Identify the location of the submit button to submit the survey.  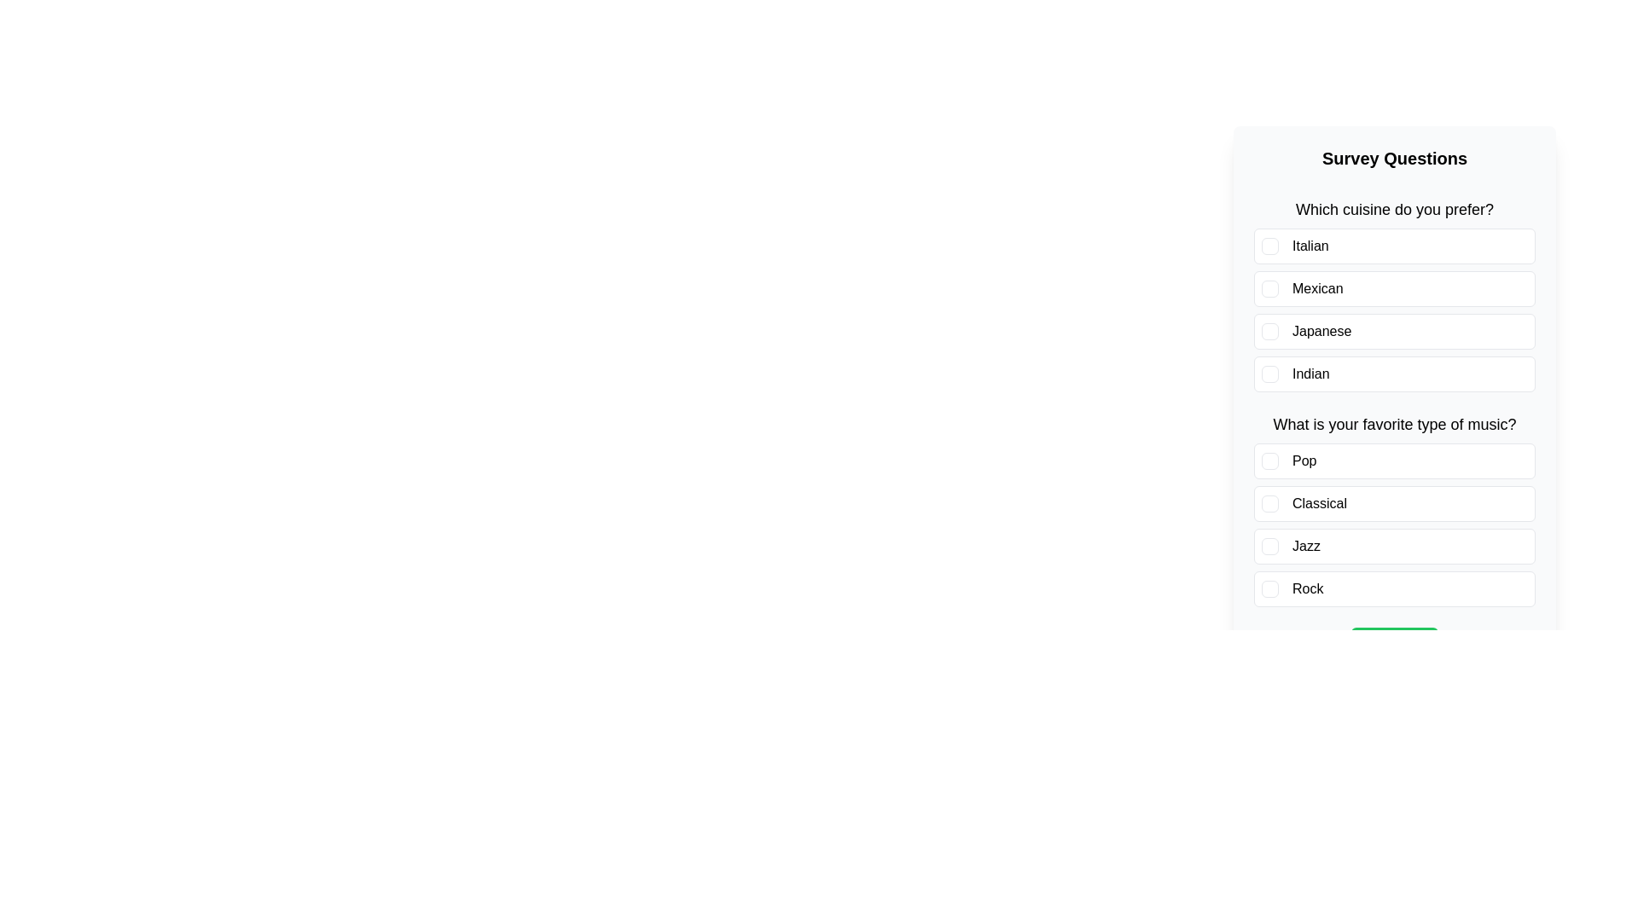
(1395, 645).